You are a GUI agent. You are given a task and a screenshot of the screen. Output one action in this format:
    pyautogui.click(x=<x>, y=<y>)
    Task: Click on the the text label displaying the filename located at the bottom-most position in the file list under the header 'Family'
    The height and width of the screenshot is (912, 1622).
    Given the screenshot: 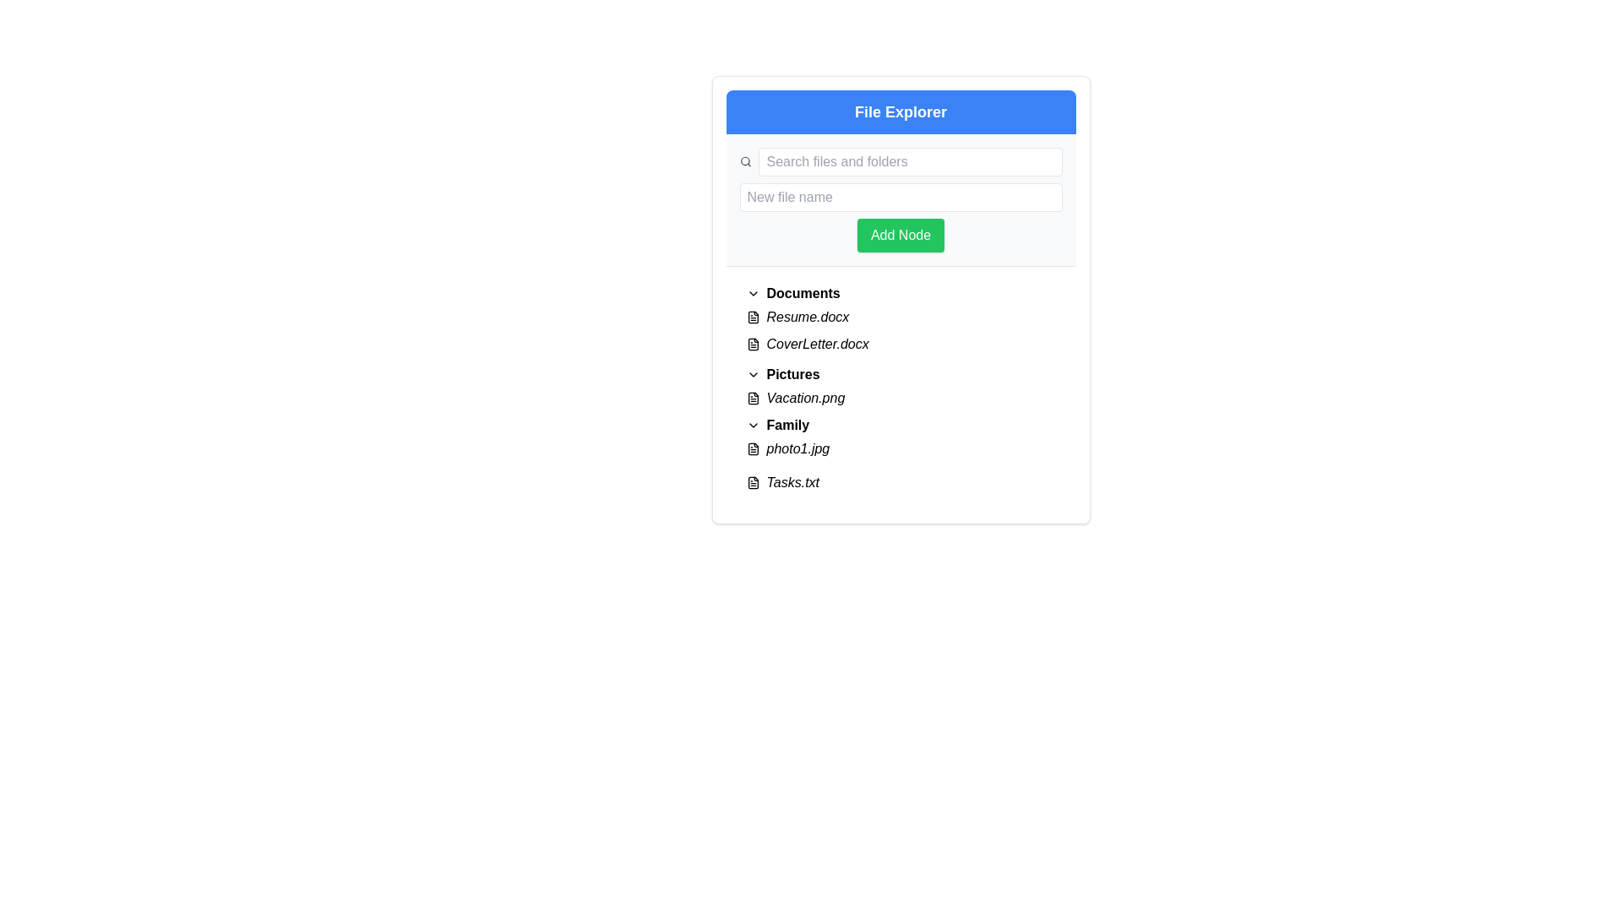 What is the action you would take?
    pyautogui.click(x=792, y=482)
    